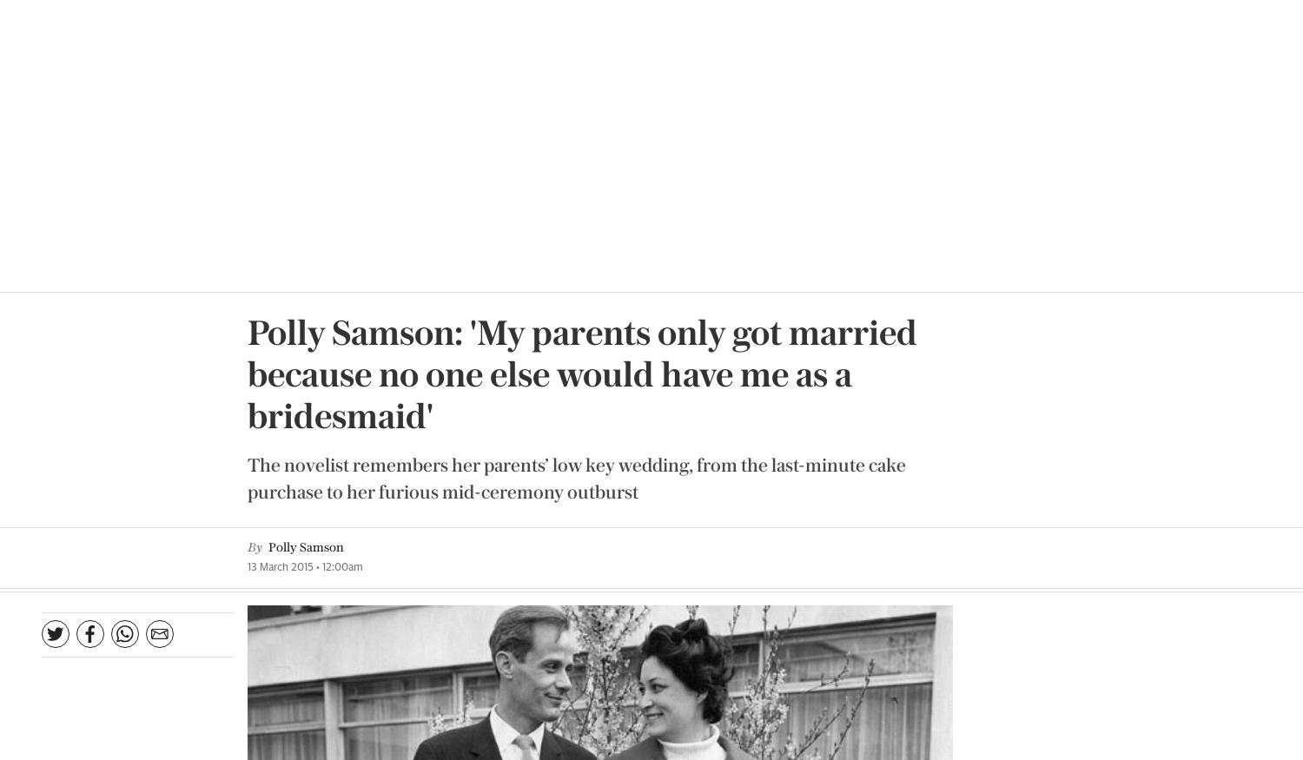 Image resolution: width=1303 pixels, height=760 pixels. I want to click on 'Gary Lineker is making an utter fool of himself over Israel', so click(1130, 459).